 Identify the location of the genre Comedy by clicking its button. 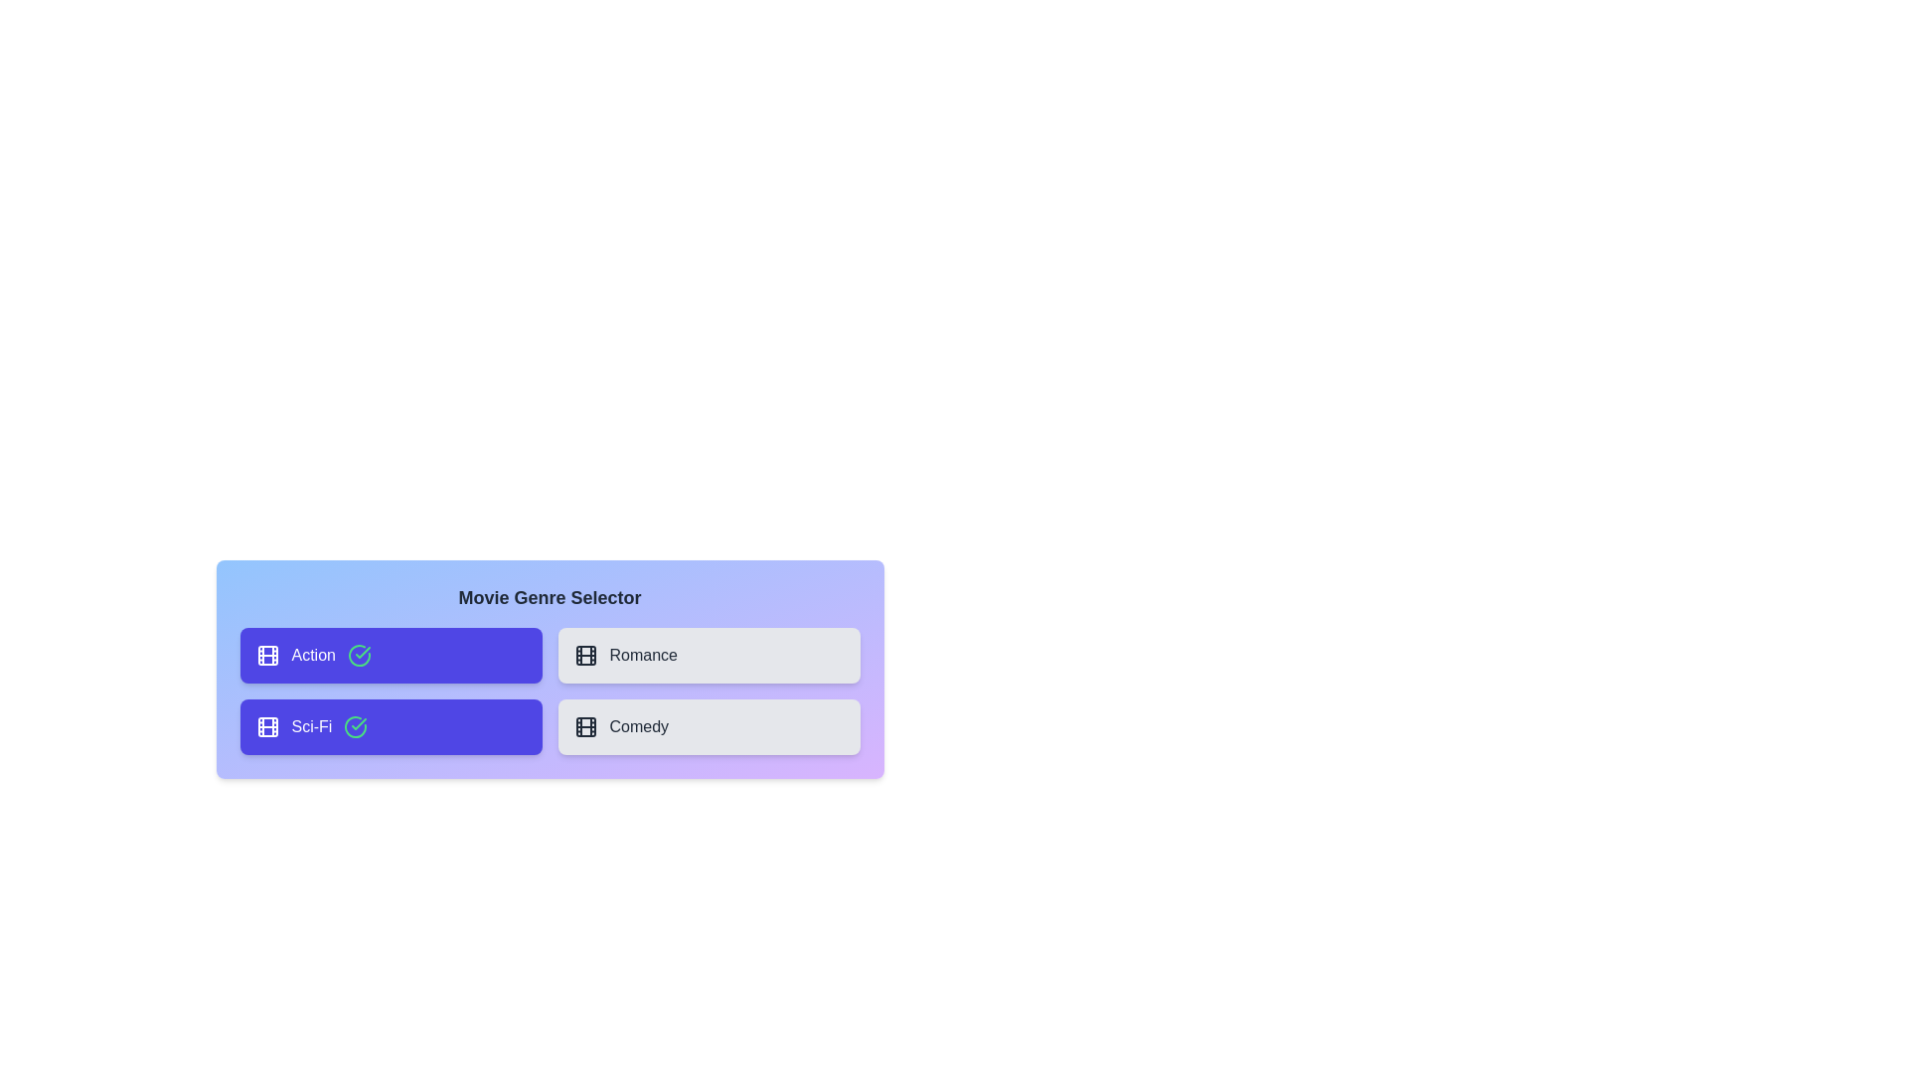
(709, 727).